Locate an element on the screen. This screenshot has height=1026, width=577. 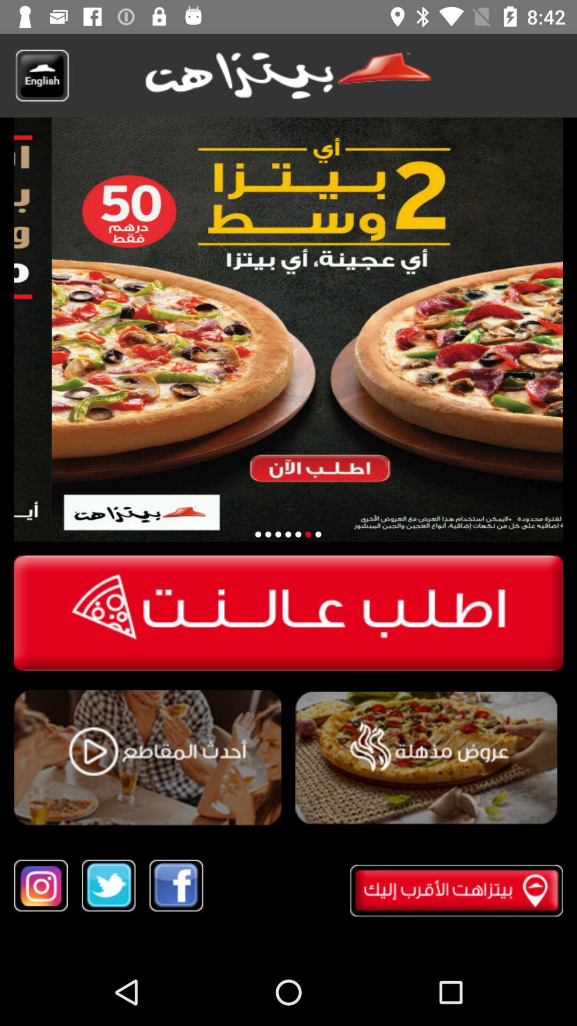
next details is located at coordinates (317, 534).